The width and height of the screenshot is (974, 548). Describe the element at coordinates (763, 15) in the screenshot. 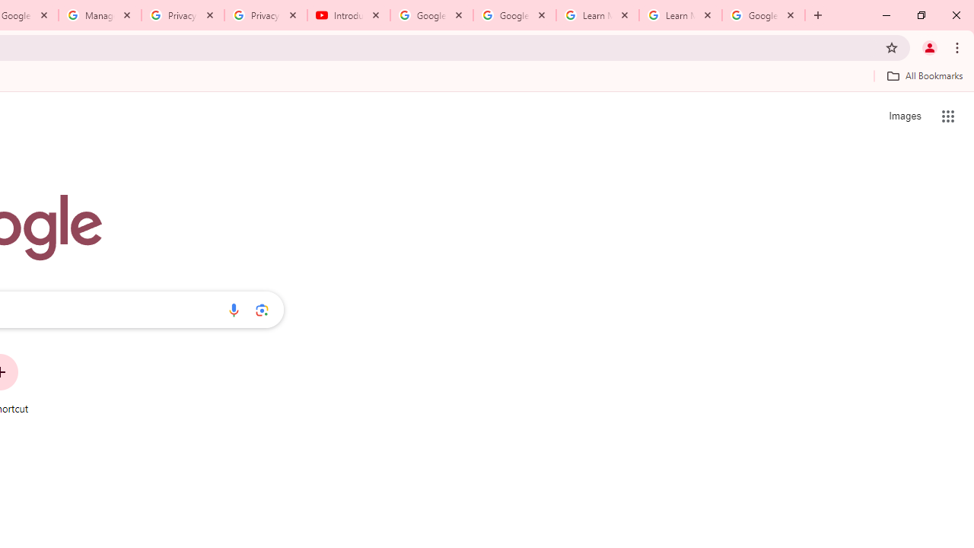

I see `'Google Account'` at that location.